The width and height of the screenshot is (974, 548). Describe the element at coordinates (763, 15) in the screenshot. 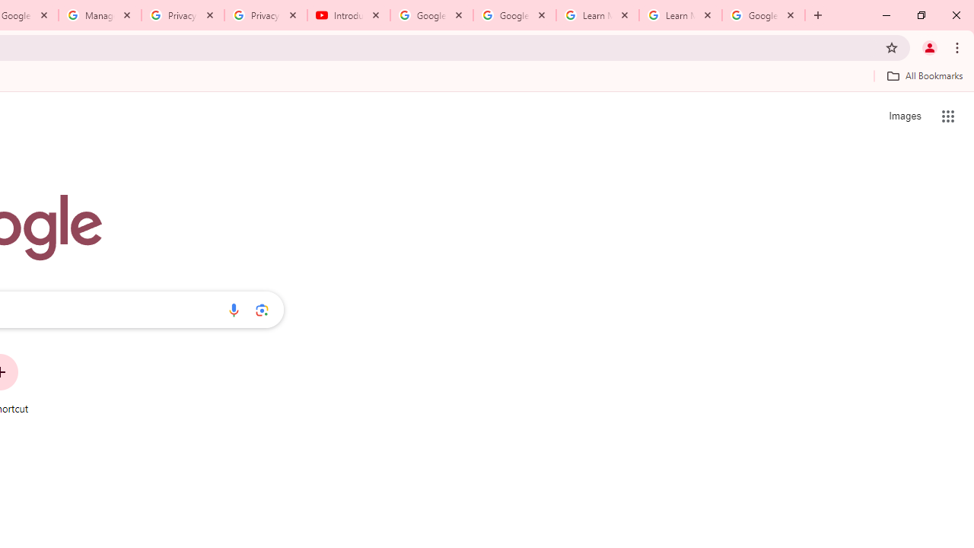

I see `'Google Account'` at that location.